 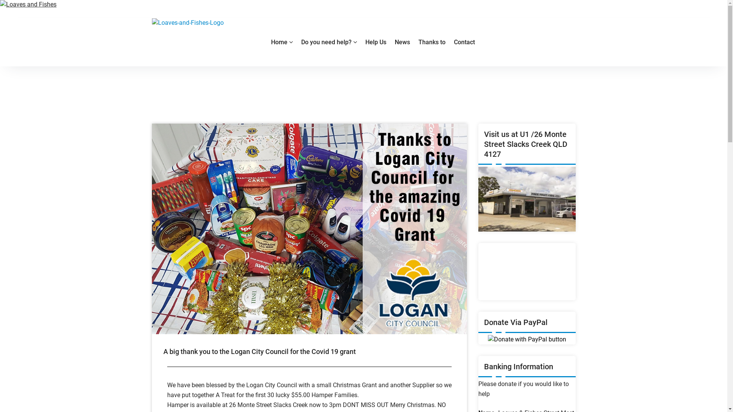 What do you see at coordinates (281, 42) in the screenshot?
I see `'Home'` at bounding box center [281, 42].